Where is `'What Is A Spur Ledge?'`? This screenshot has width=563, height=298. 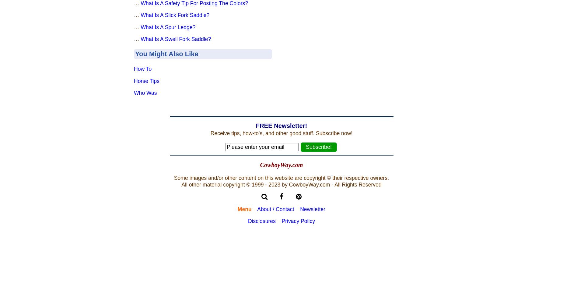 'What Is A Spur Ledge?' is located at coordinates (168, 26).